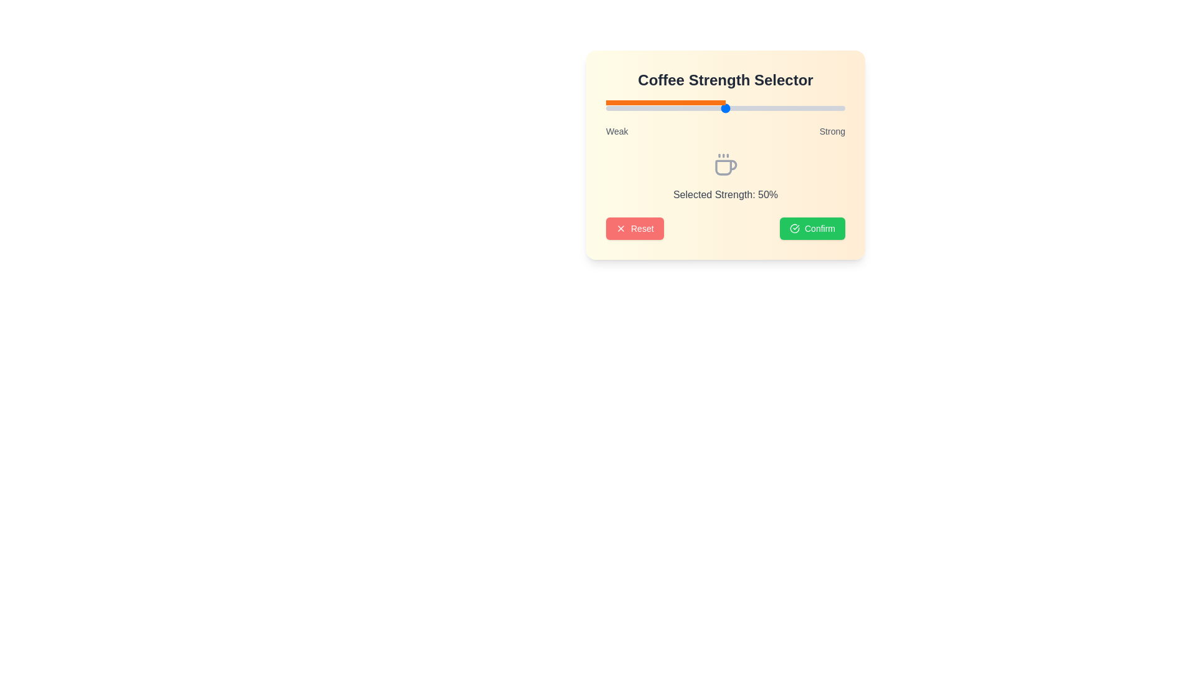 This screenshot has width=1196, height=673. I want to click on the coffee strength, so click(670, 107).